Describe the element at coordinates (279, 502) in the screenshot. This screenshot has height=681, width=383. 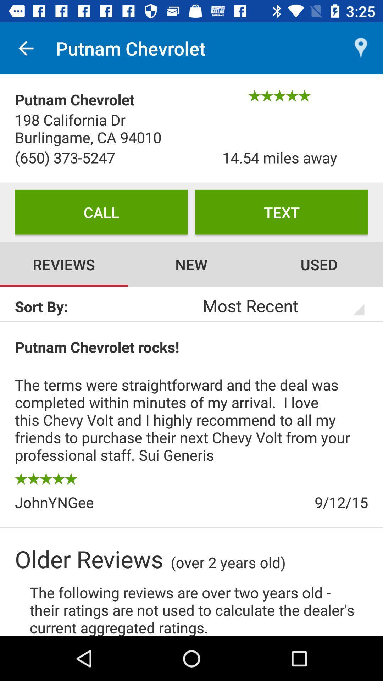
I see `the 9/12/15 icon` at that location.